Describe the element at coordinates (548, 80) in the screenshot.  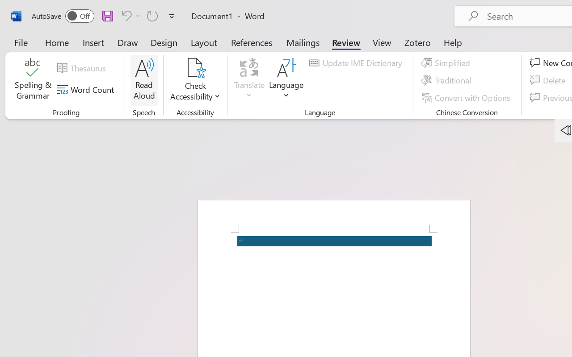
I see `'Delete'` at that location.